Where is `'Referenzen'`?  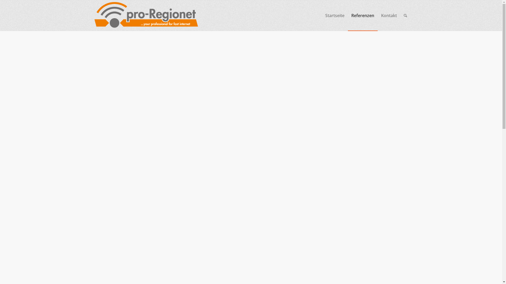 'Referenzen' is located at coordinates (362, 15).